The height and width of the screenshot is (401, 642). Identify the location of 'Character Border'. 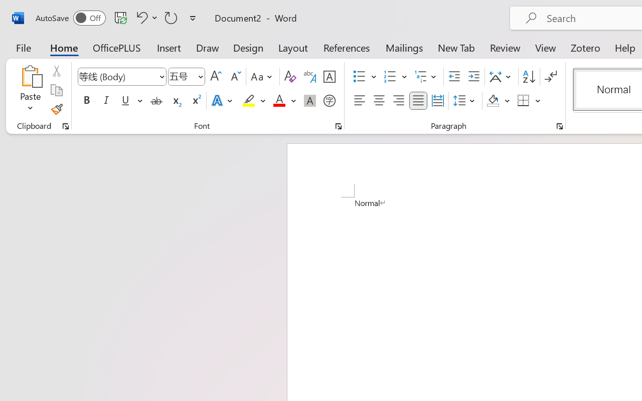
(329, 77).